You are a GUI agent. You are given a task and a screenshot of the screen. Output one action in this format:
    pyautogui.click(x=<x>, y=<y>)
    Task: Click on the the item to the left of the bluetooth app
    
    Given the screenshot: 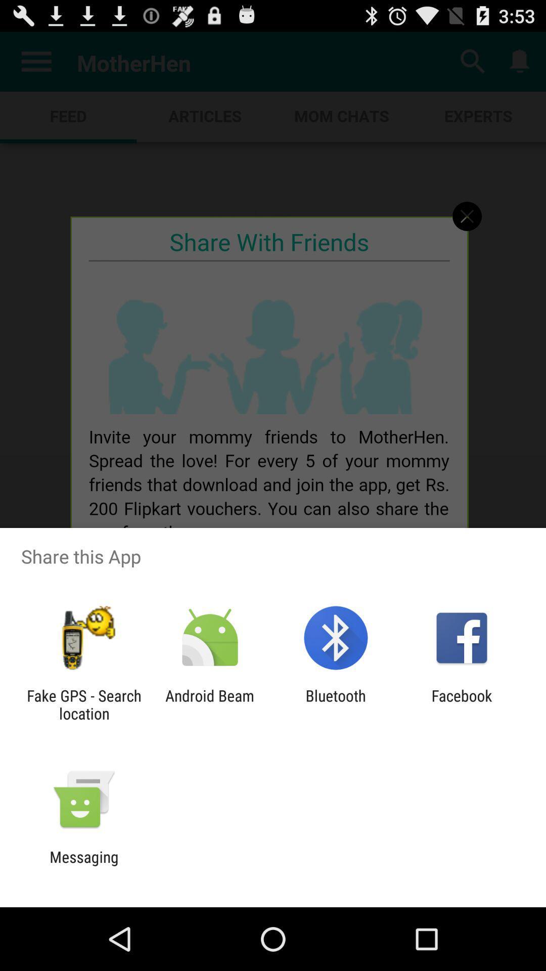 What is the action you would take?
    pyautogui.click(x=209, y=704)
    